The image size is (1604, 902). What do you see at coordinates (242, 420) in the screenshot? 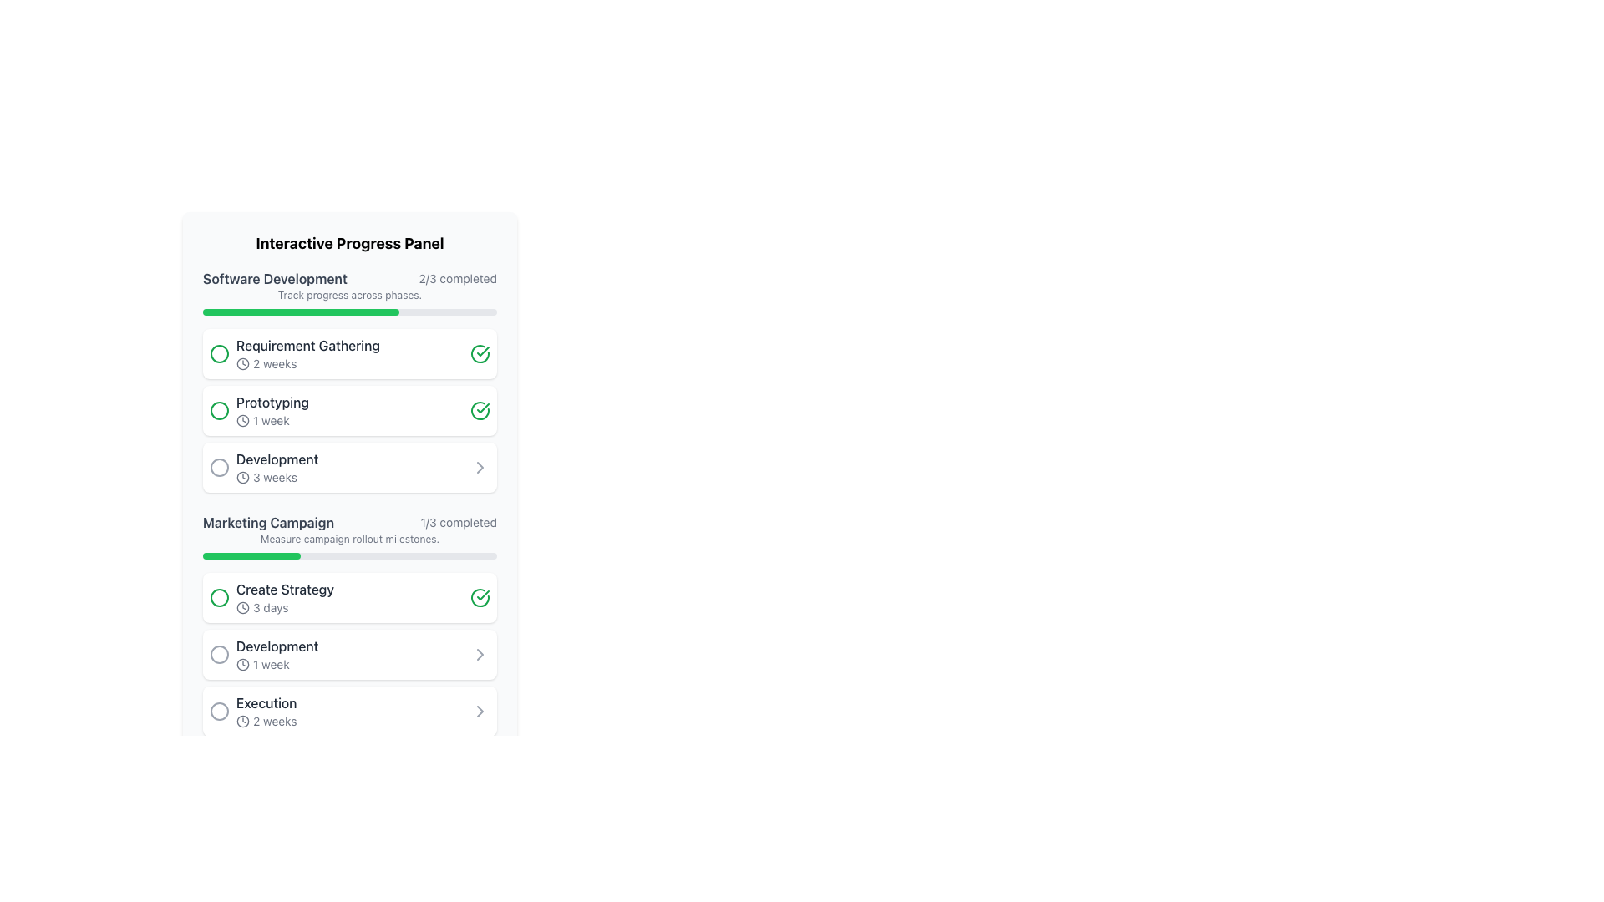
I see `the small clock icon, which is the leftmost element in the task labeled 'Prototyping' with a duration of '1 week'` at bounding box center [242, 420].